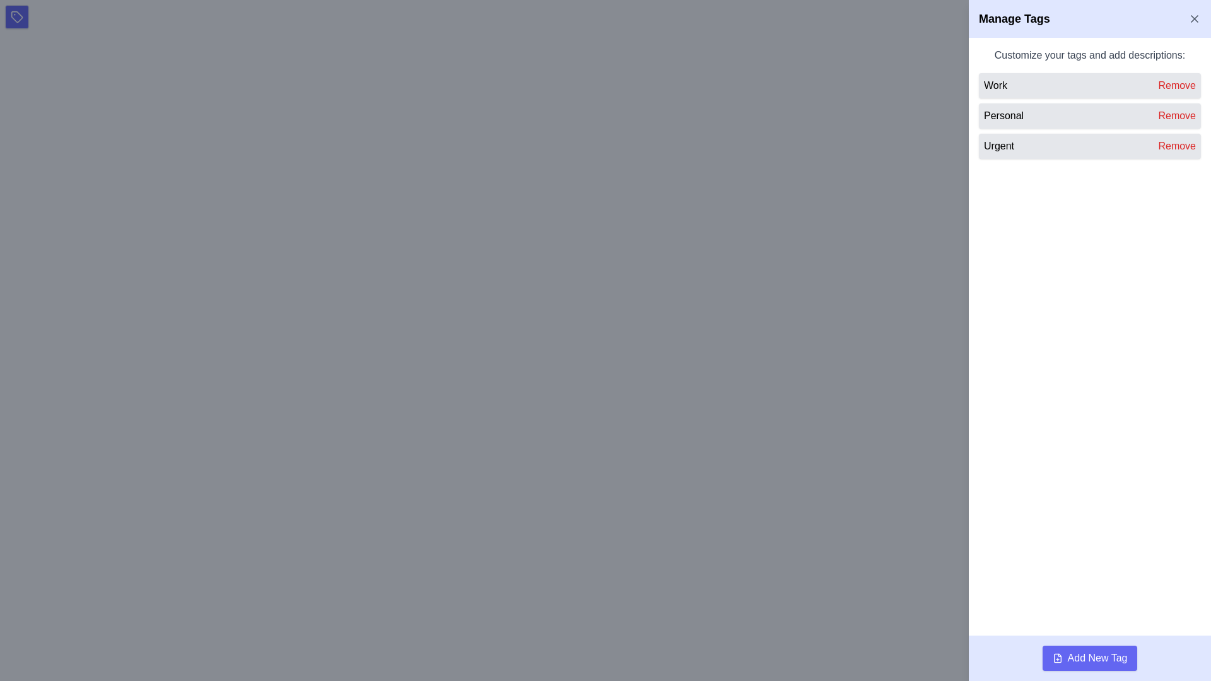 Image resolution: width=1211 pixels, height=681 pixels. Describe the element at coordinates (1057, 658) in the screenshot. I see `the 'Add New Tag' button by clicking the icon resembling a document with a plus symbol to trigger the associated action` at that location.